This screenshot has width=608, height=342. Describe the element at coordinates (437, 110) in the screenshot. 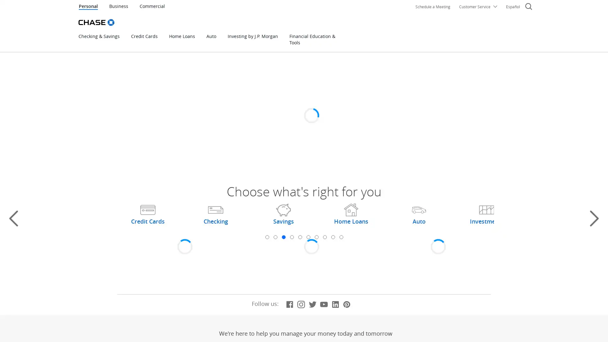

I see `Sign in` at that location.